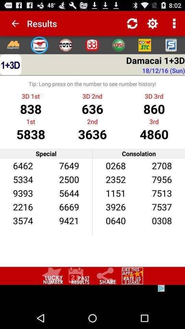 The image size is (185, 329). I want to click on the date_range icon, so click(79, 295).